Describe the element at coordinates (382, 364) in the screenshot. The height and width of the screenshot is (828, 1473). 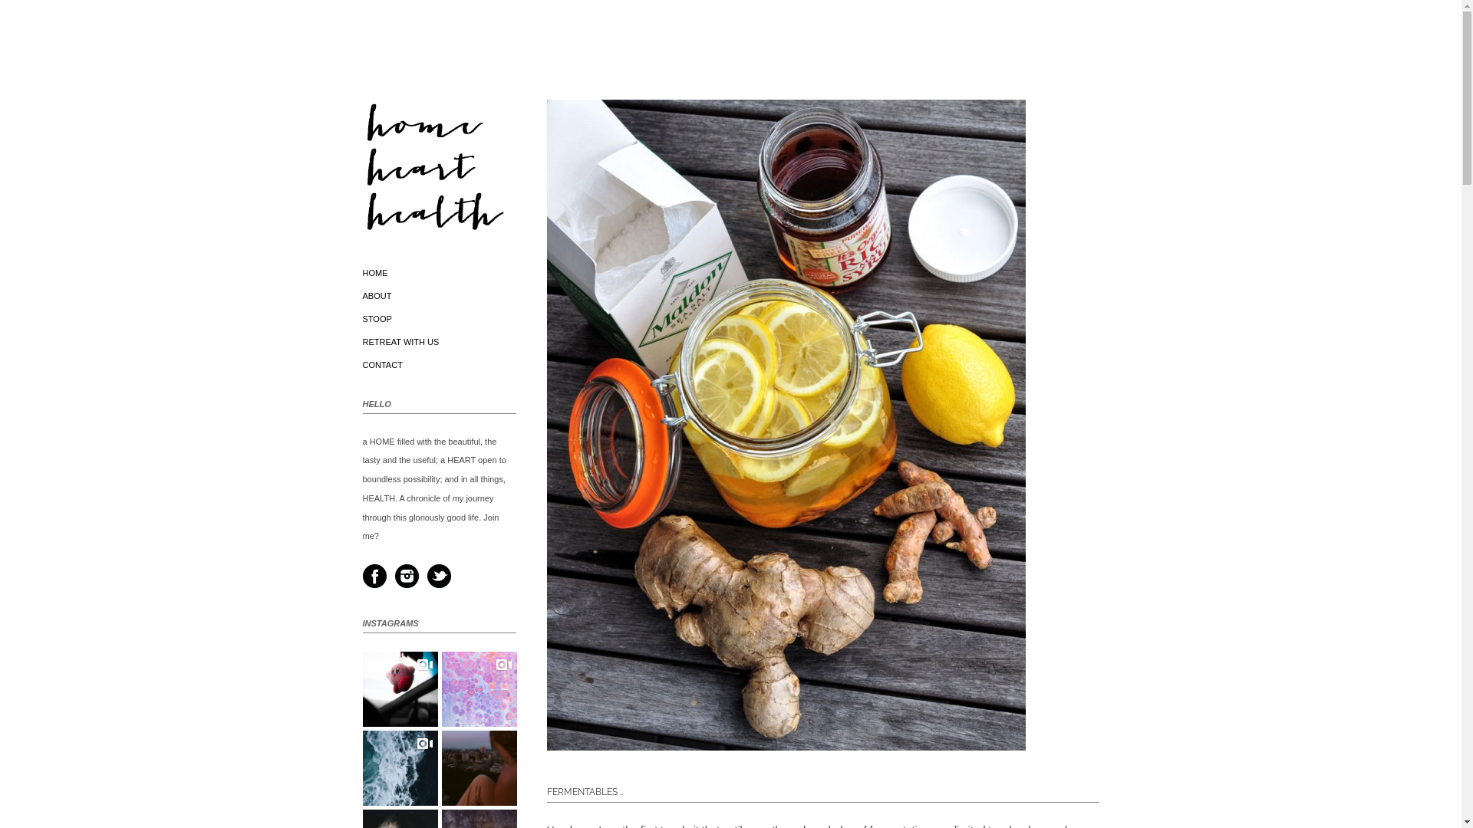
I see `'CONTACT'` at that location.